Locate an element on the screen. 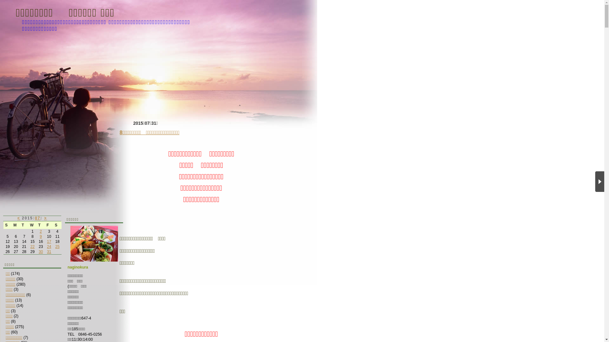 The width and height of the screenshot is (609, 342). '30' is located at coordinates (40, 251).